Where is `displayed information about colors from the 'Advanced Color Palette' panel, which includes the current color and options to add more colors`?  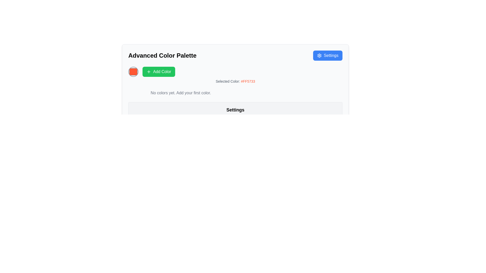
displayed information about colors from the 'Advanced Color Palette' panel, which includes the current color and options to add more colors is located at coordinates (235, 87).